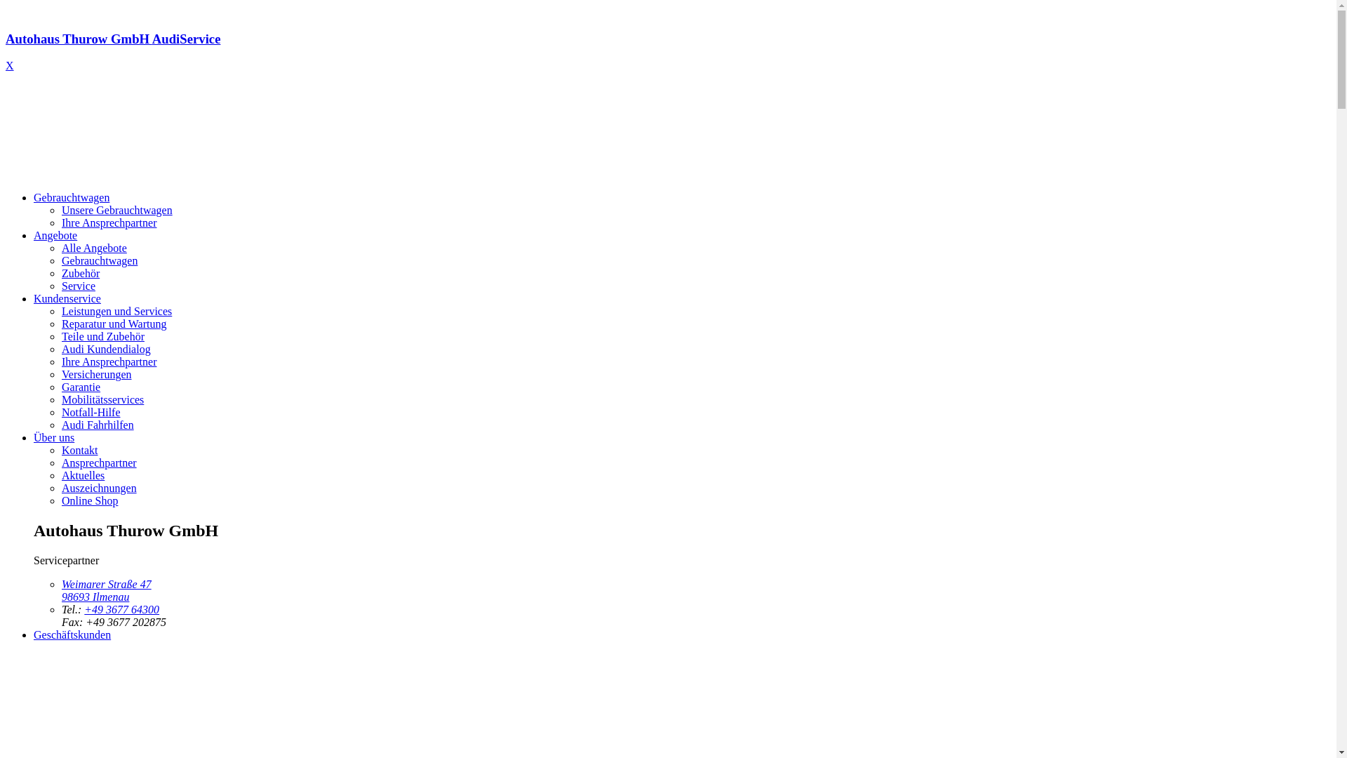 Image resolution: width=1347 pixels, height=758 pixels. What do you see at coordinates (77, 285) in the screenshot?
I see `'Service'` at bounding box center [77, 285].